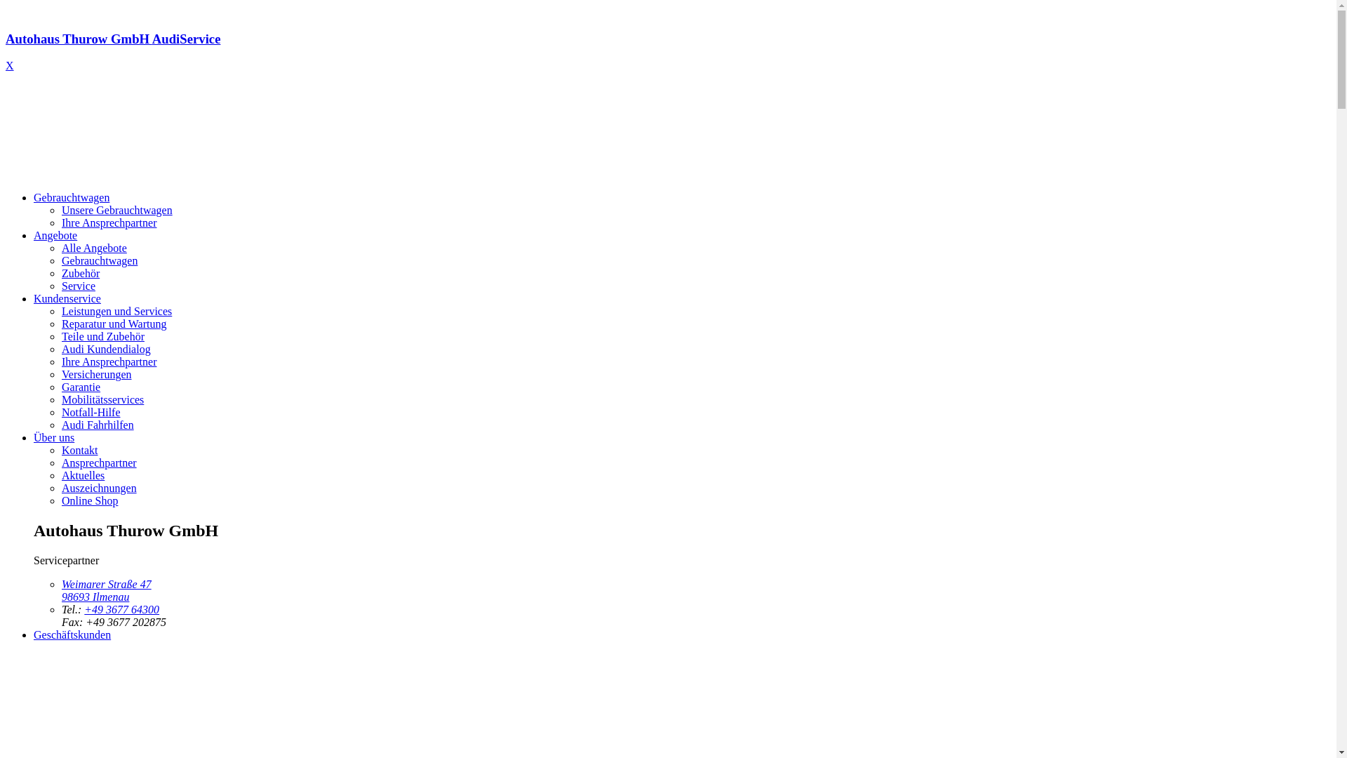 Image resolution: width=1347 pixels, height=758 pixels. What do you see at coordinates (77, 285) in the screenshot?
I see `'Service'` at bounding box center [77, 285].